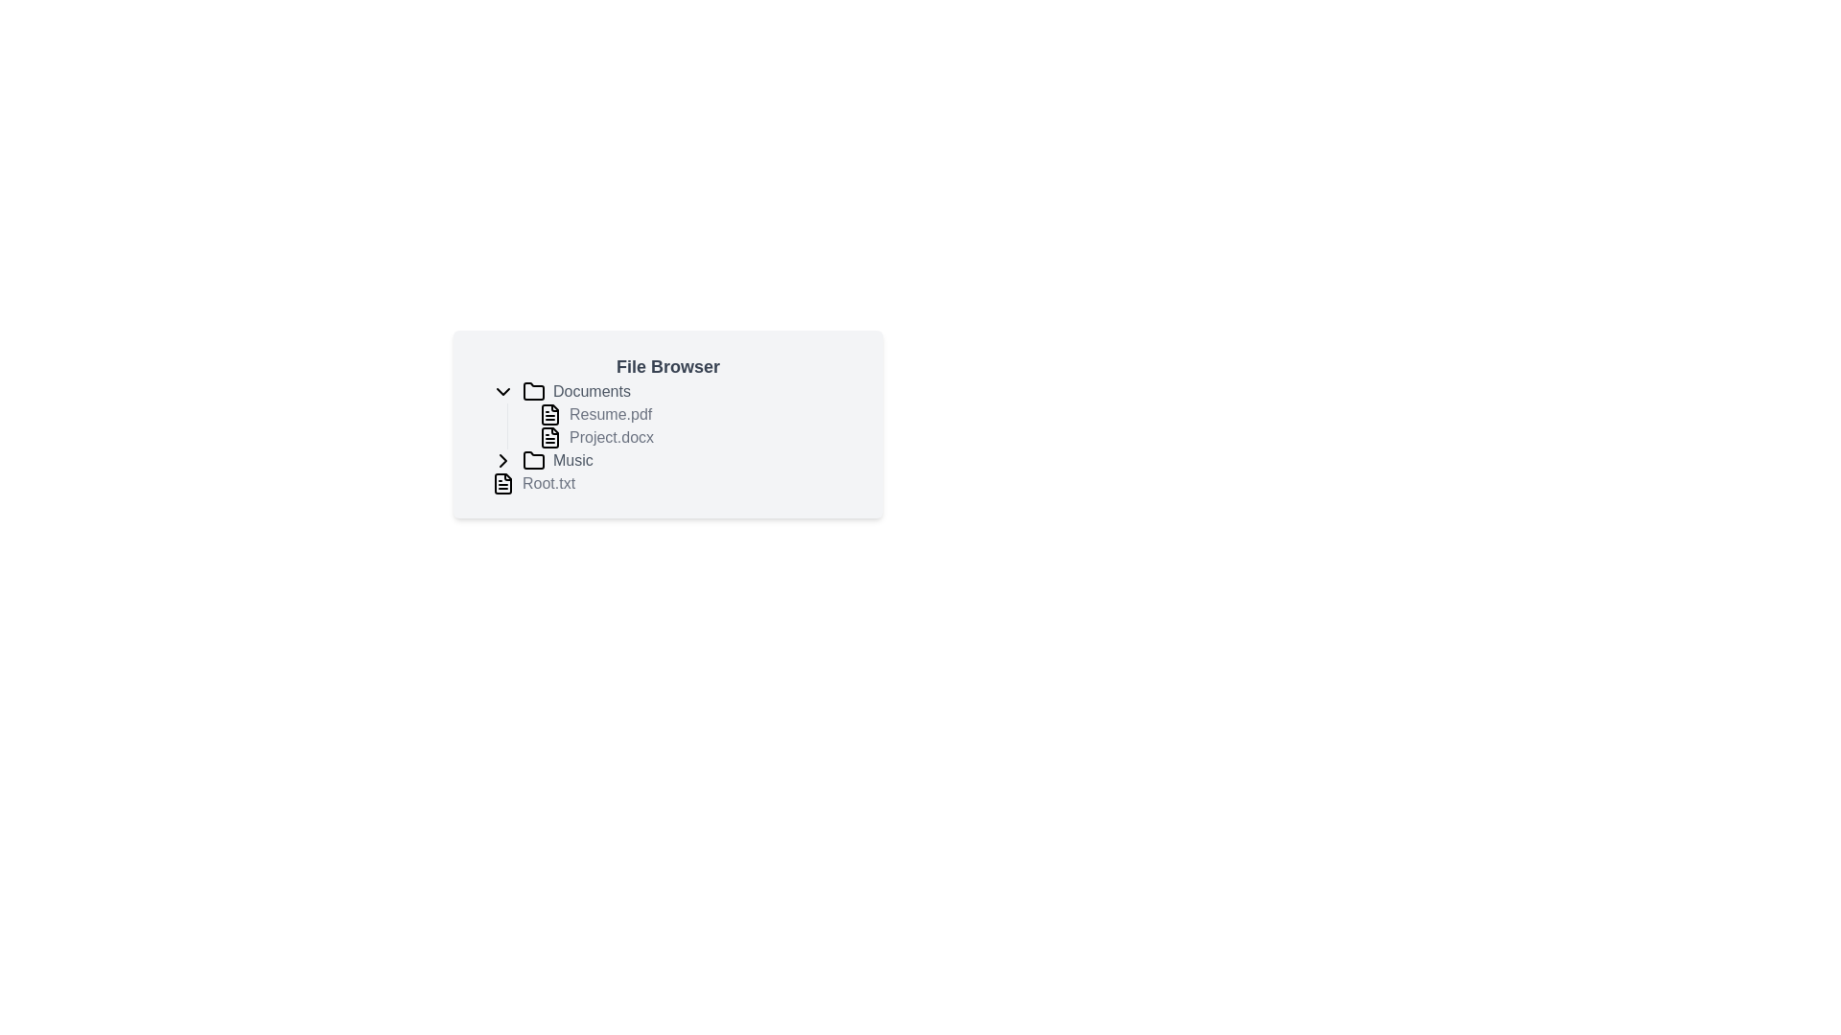  I want to click on the 'Documents' text label, which is styled with a medium font weight and gray color, located to the right of a folder icon, so click(591, 390).